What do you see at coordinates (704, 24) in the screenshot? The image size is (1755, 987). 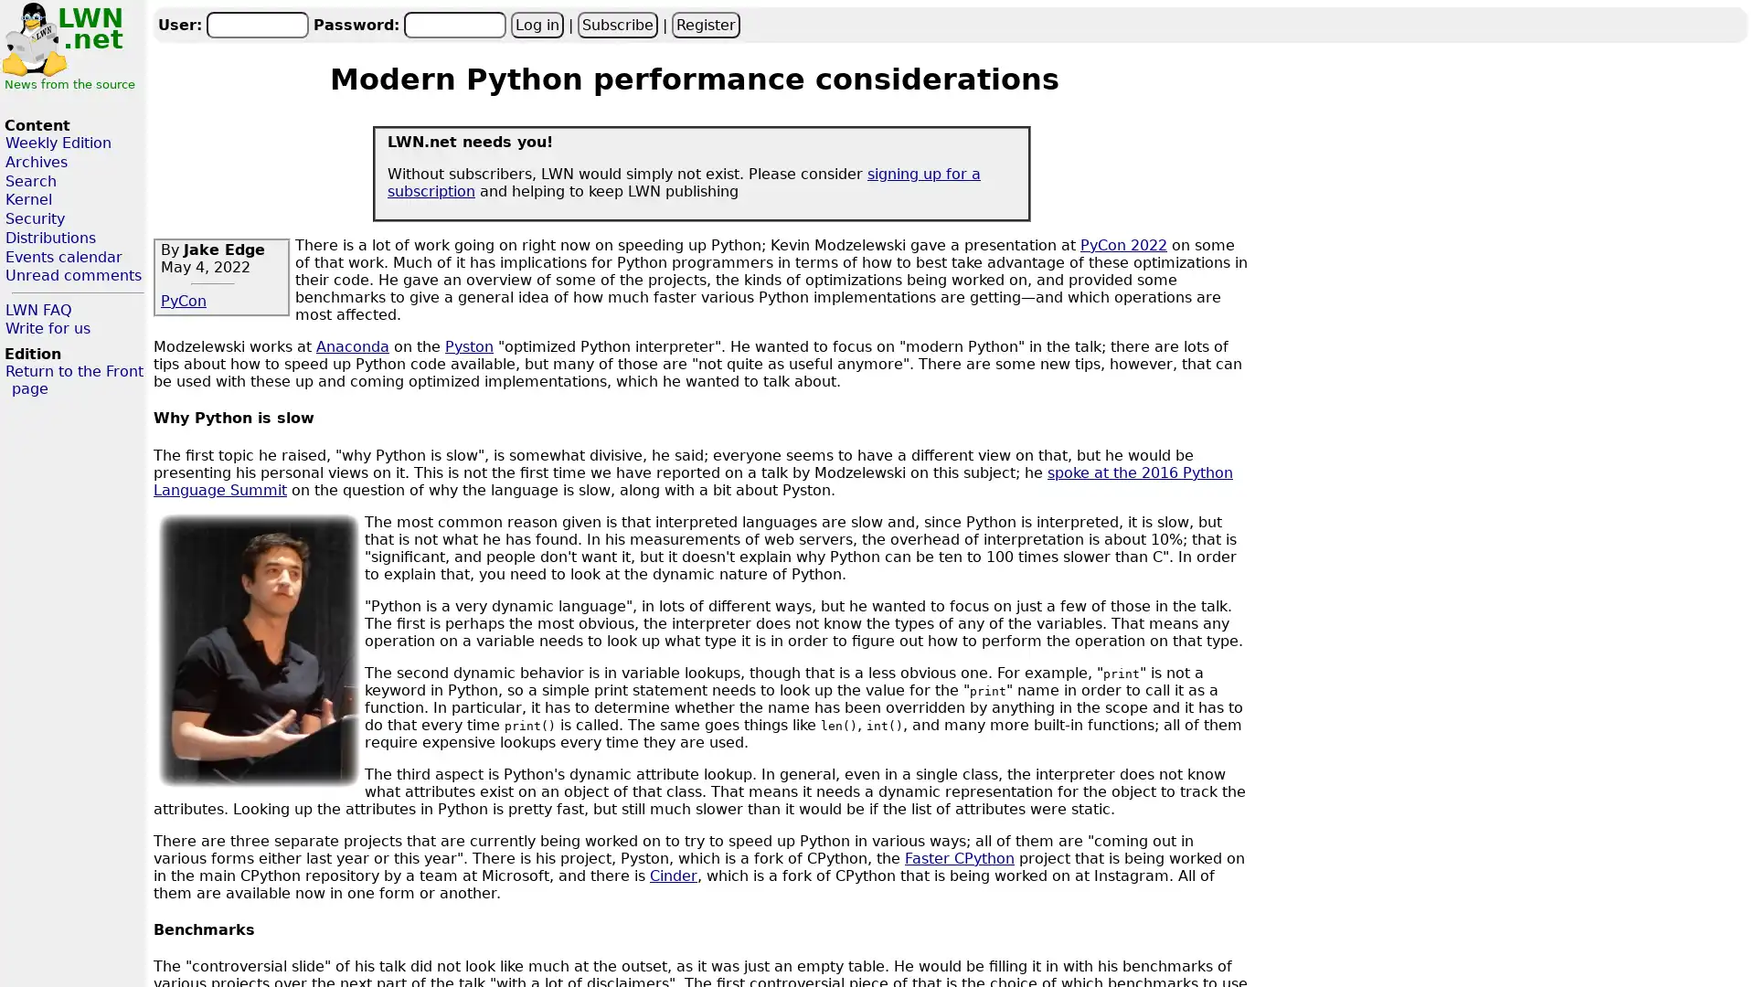 I see `Register` at bounding box center [704, 24].